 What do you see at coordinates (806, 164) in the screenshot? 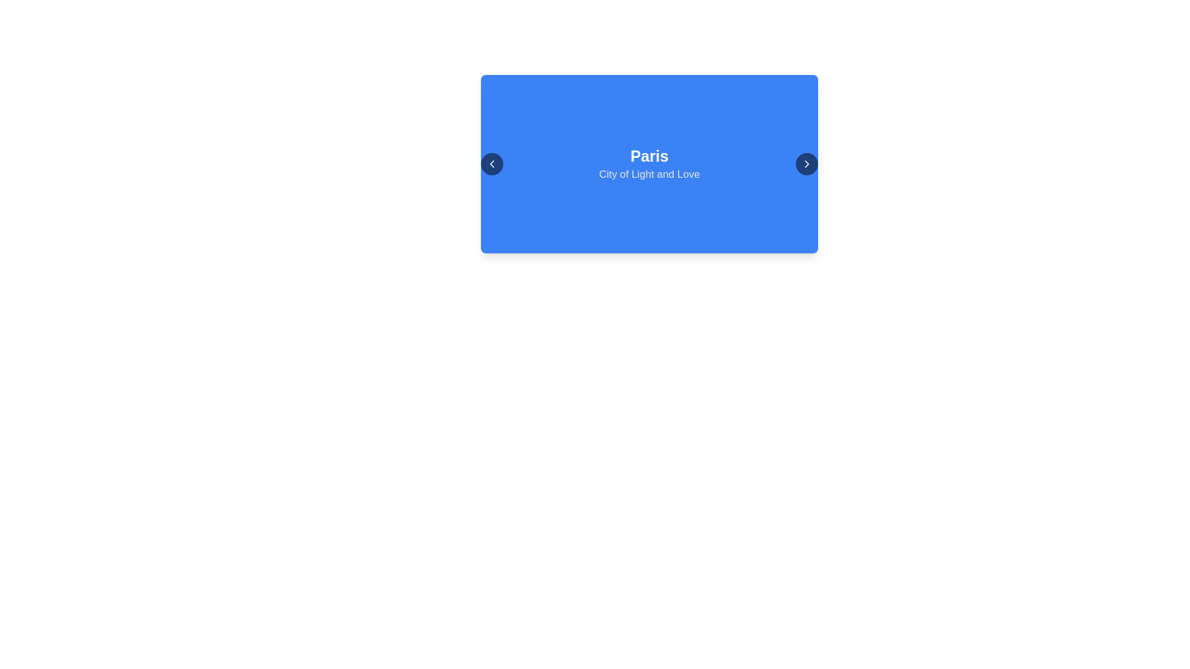
I see `the right-pointing chevron icon within the navigation button located on the right edge of the blue card` at bounding box center [806, 164].